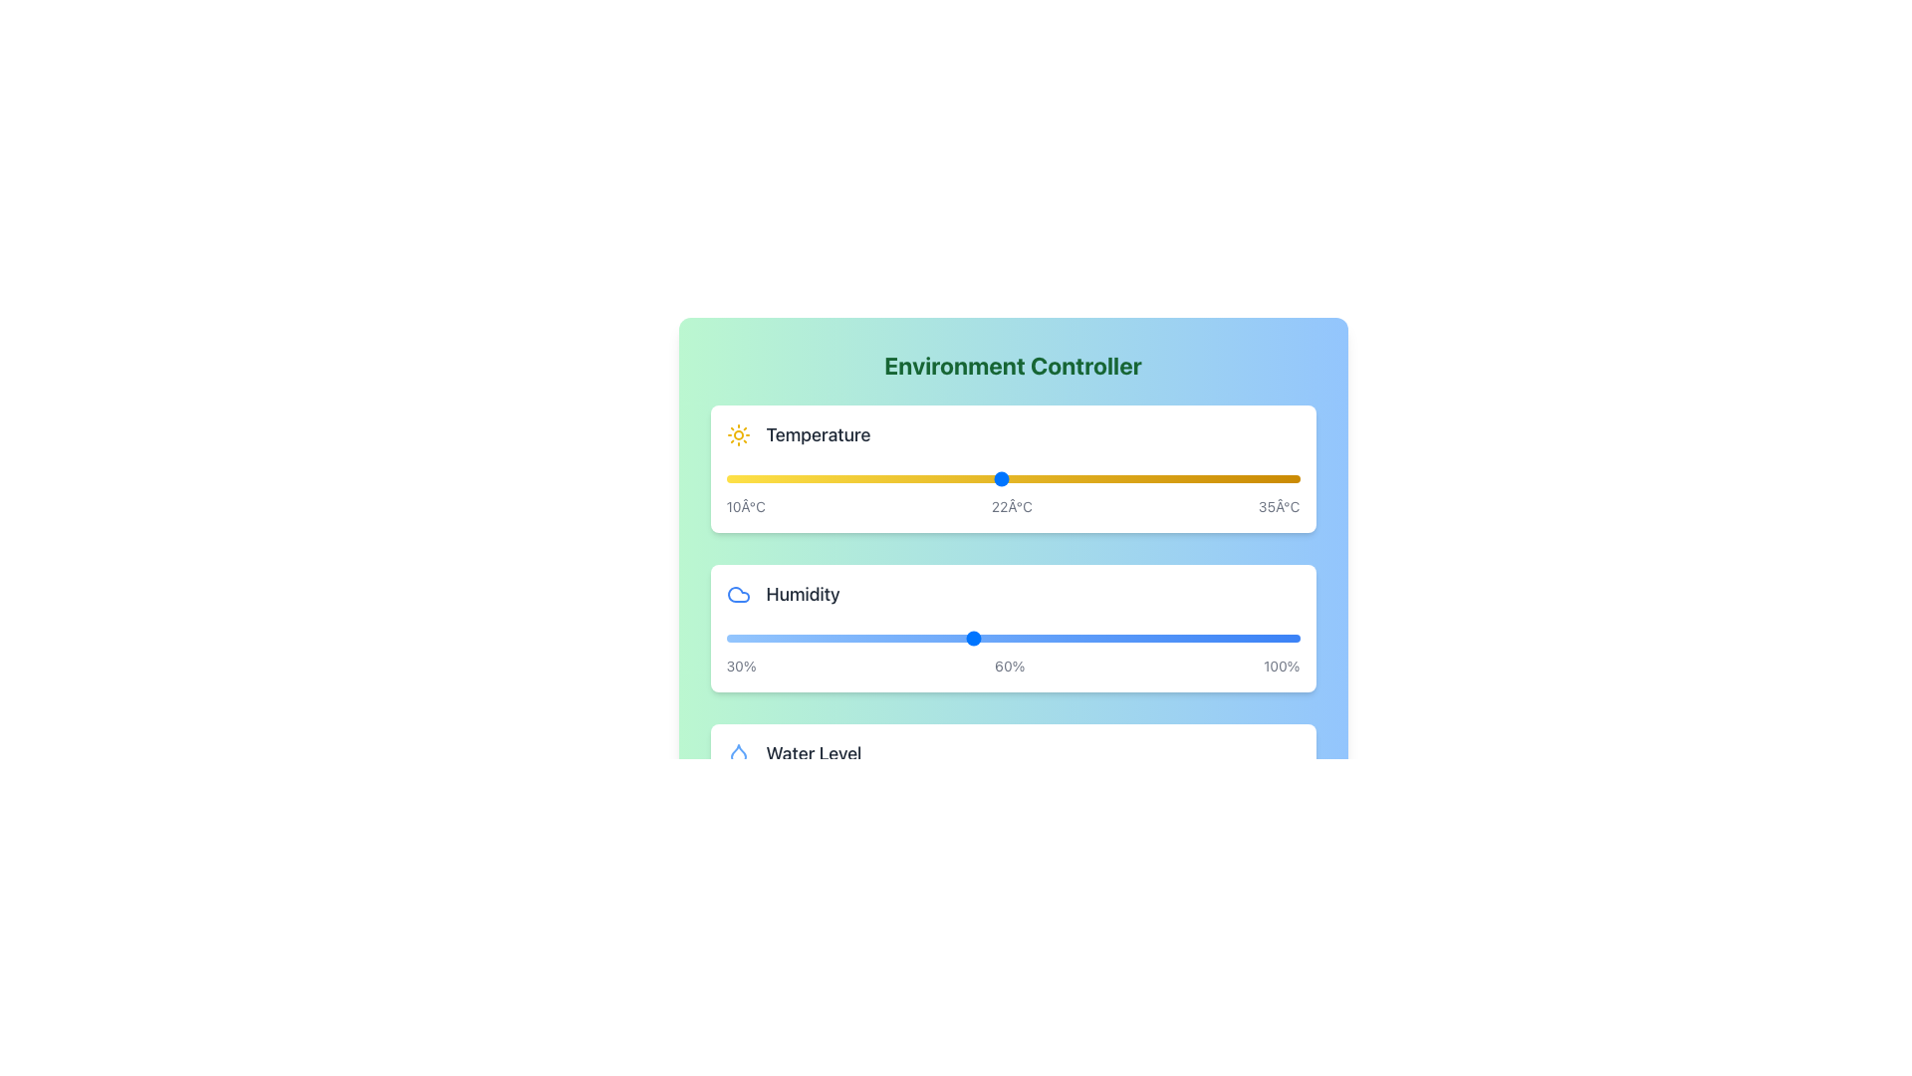  I want to click on the cloud icon representing the 'Humidity' section, located on the left side of the 'Humidity' label, so click(737, 594).